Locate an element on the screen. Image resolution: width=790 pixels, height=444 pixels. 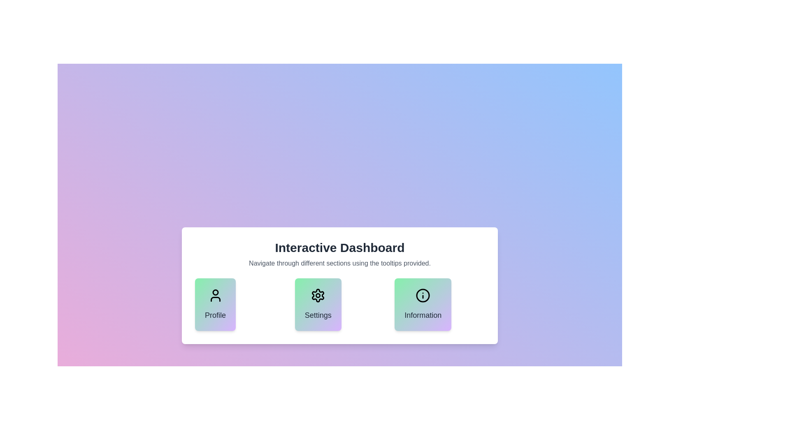
the help button located at the far-right of a group of three buttons at the bottom of the dashboard is located at coordinates (423, 304).